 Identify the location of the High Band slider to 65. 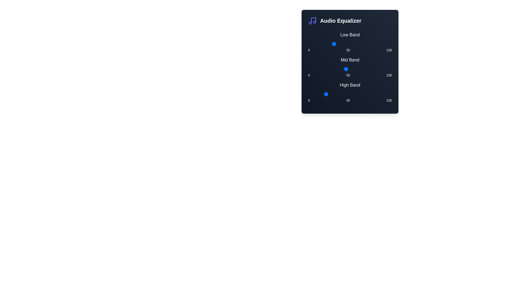
(362, 94).